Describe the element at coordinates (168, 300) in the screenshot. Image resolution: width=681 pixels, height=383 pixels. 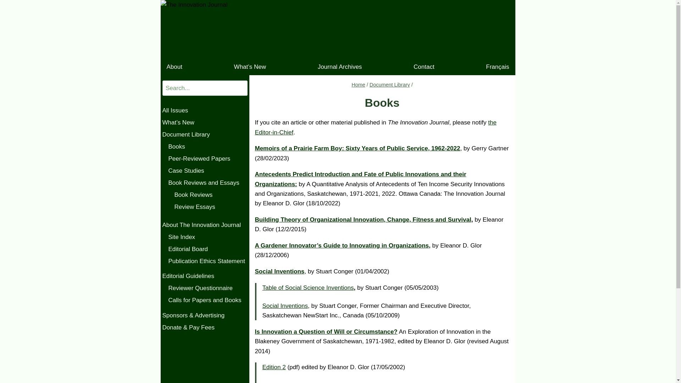
I see `'Calls for Papers and Books'` at that location.